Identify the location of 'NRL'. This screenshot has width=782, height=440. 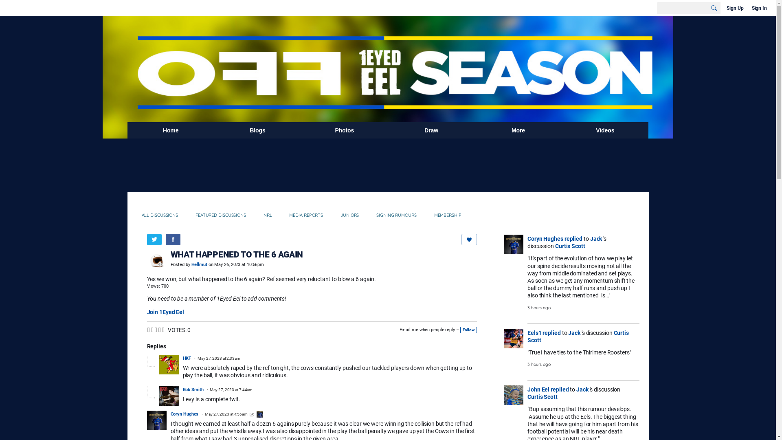
(268, 215).